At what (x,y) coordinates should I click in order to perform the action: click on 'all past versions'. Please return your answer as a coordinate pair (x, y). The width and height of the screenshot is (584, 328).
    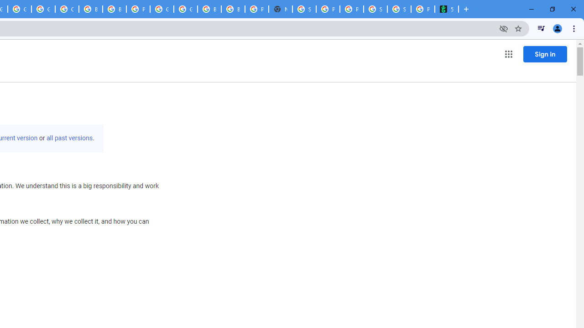
    Looking at the image, I should click on (69, 138).